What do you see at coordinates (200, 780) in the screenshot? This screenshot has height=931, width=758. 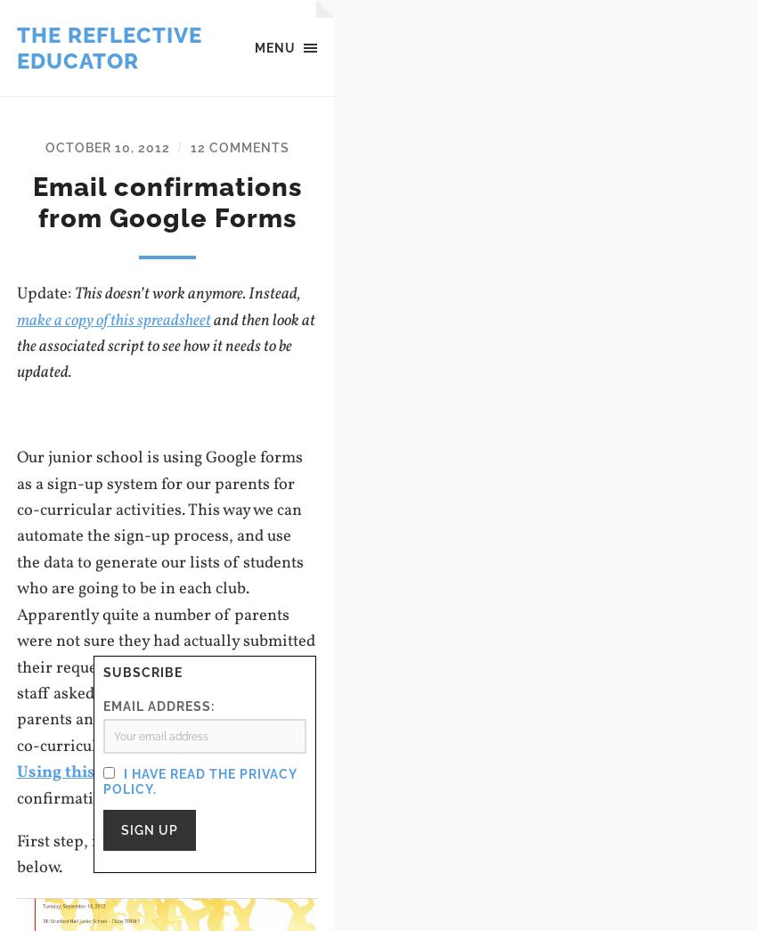 I see `'I have read the privacy policy.'` at bounding box center [200, 780].